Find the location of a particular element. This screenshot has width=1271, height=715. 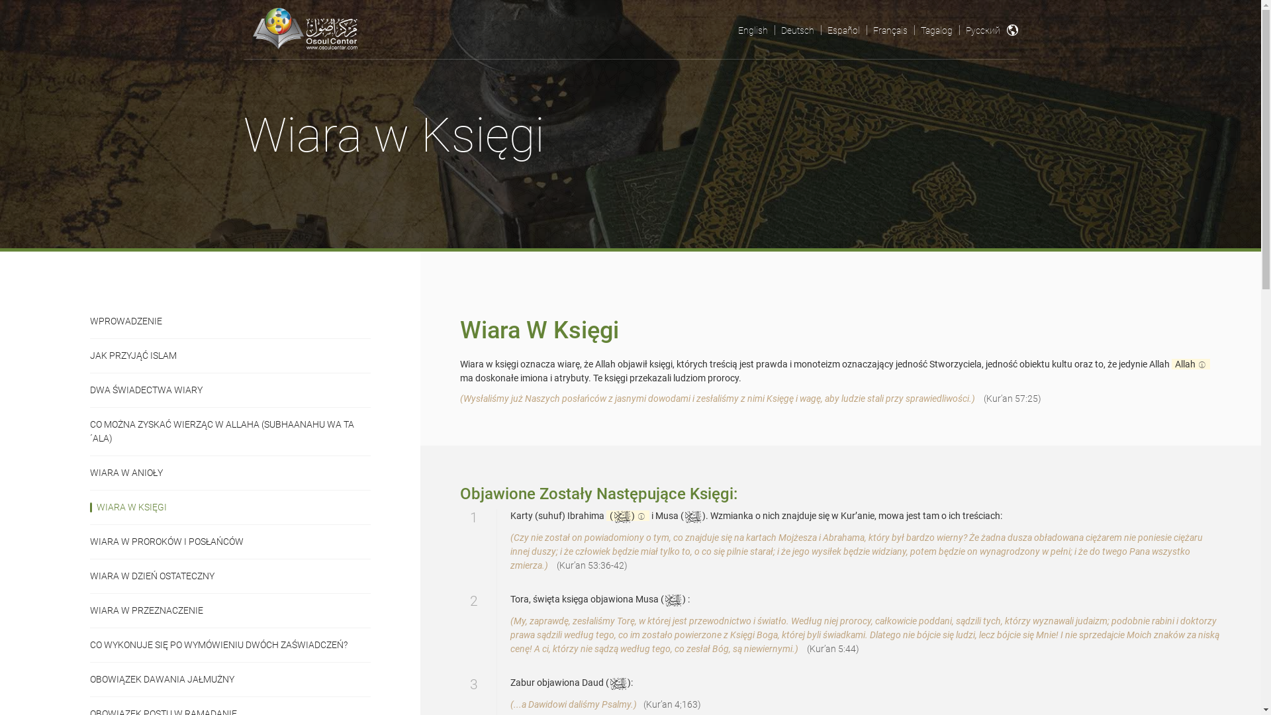

'Tagalog' is located at coordinates (935, 30).